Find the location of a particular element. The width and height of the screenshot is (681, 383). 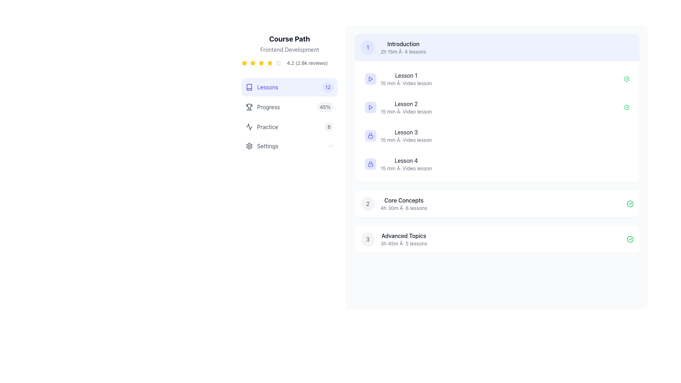

numerical value displayed in the small, rounded rectangle badge with the text '12' inside, located in the top-right corner of the 'Lessons' button in the navigation pane is located at coordinates (327, 87).